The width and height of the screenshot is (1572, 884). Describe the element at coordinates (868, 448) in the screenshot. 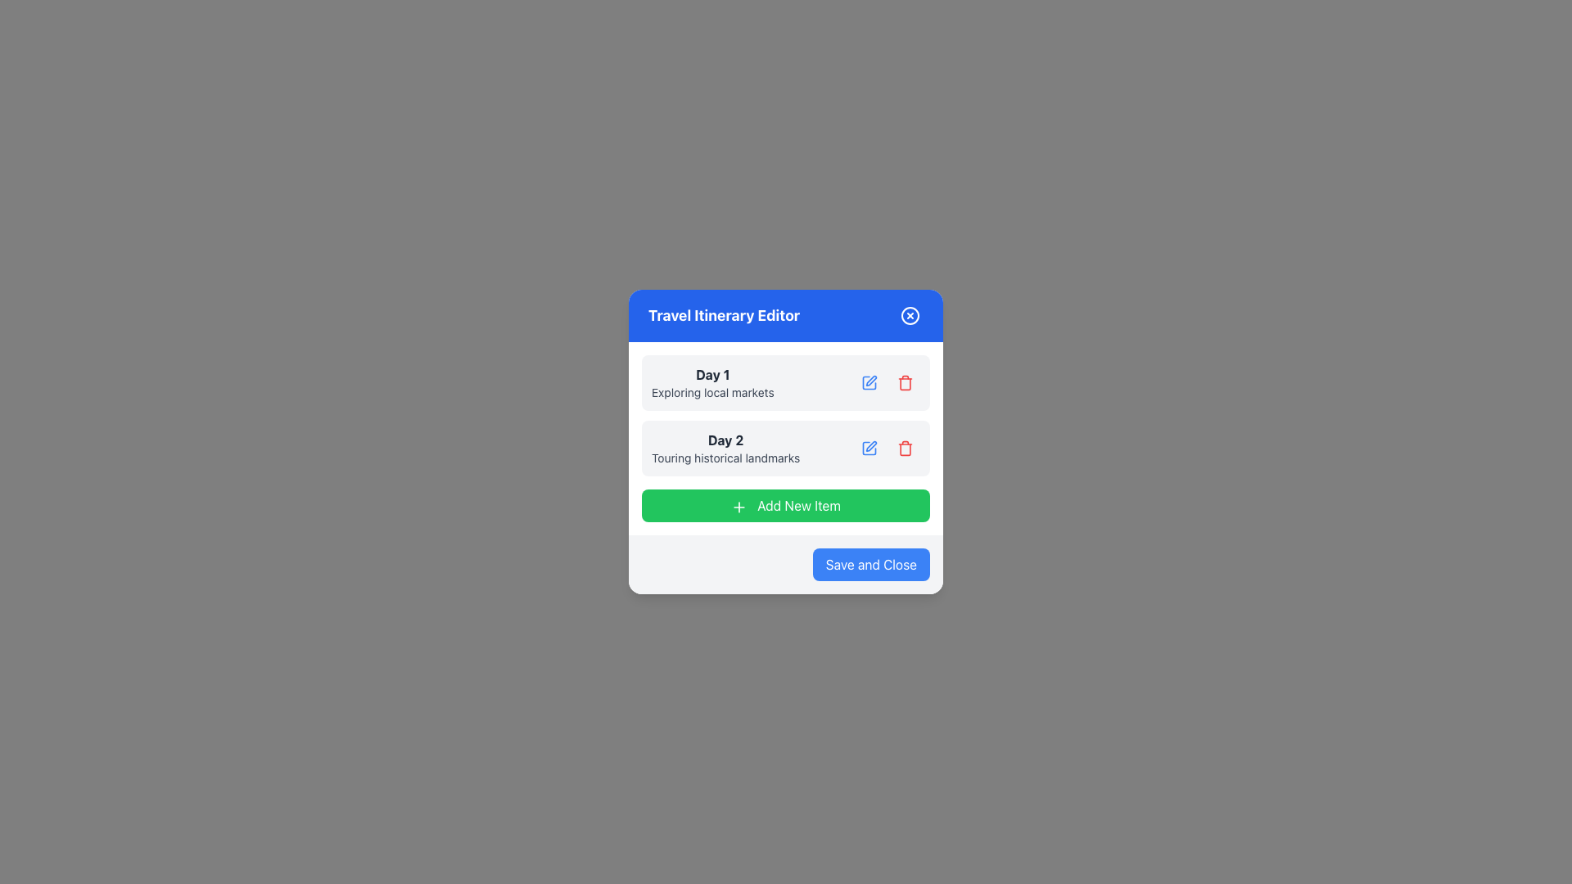

I see `the button` at that location.